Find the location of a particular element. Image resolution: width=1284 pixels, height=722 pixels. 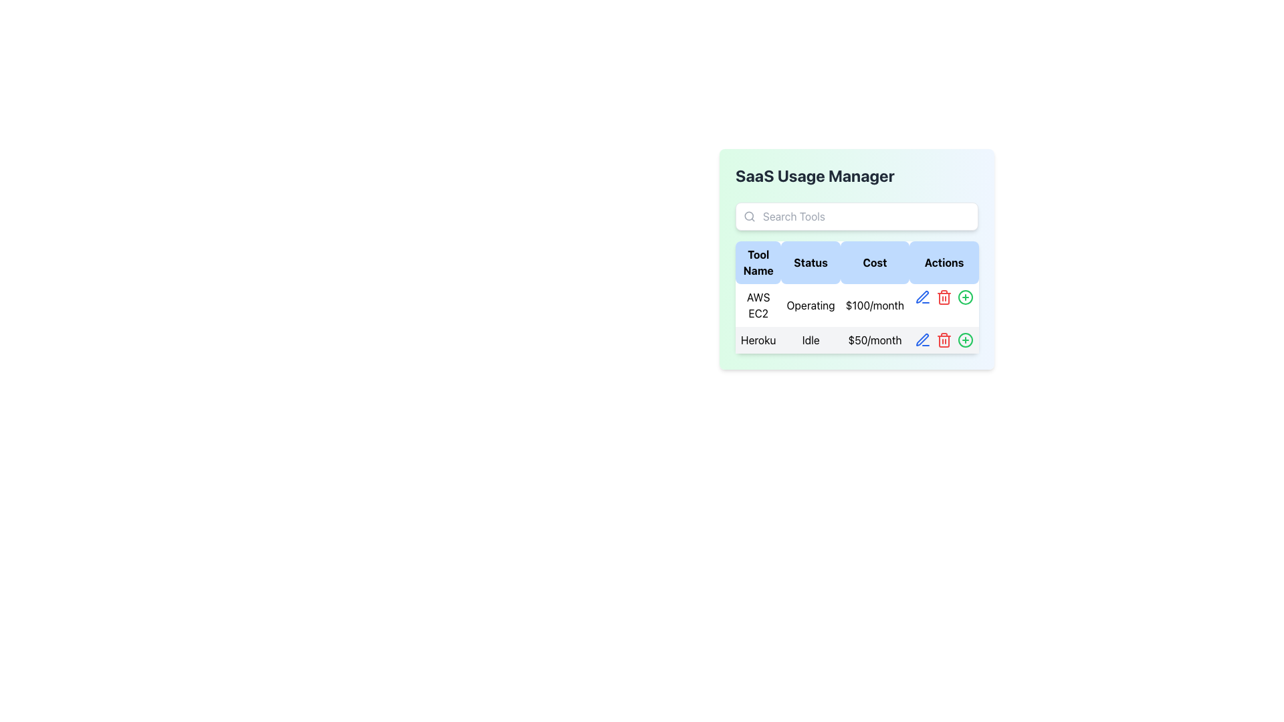

the small gray magnifying glass icon associated with the search functionality is located at coordinates (750, 216).